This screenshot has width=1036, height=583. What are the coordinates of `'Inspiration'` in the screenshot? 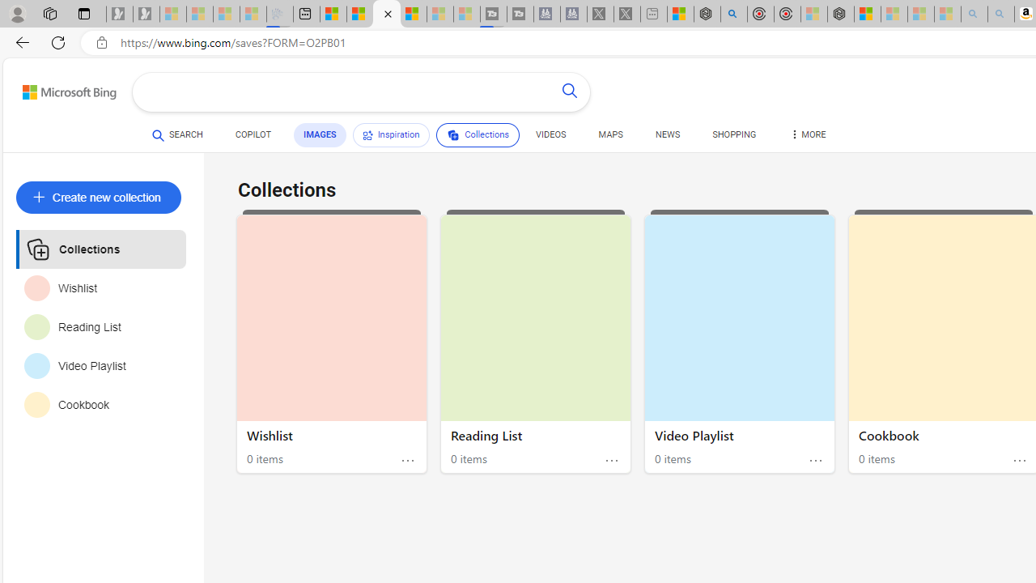 It's located at (391, 134).